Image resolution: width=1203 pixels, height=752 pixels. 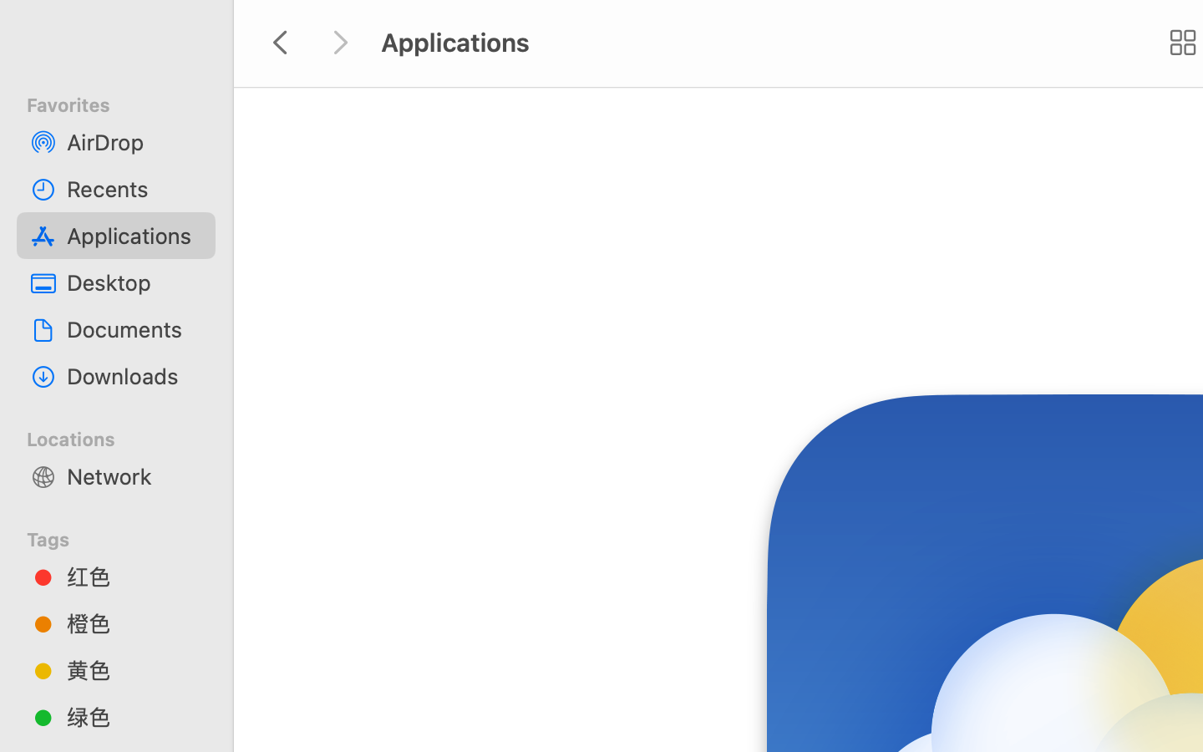 I want to click on 'Applications', so click(x=133, y=234).